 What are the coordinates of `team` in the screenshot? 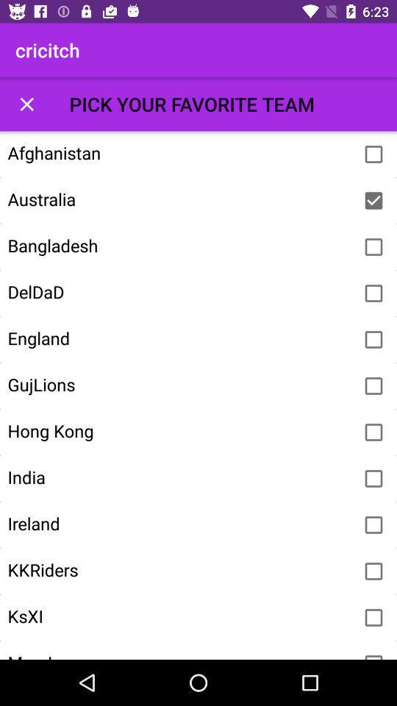 It's located at (373, 477).